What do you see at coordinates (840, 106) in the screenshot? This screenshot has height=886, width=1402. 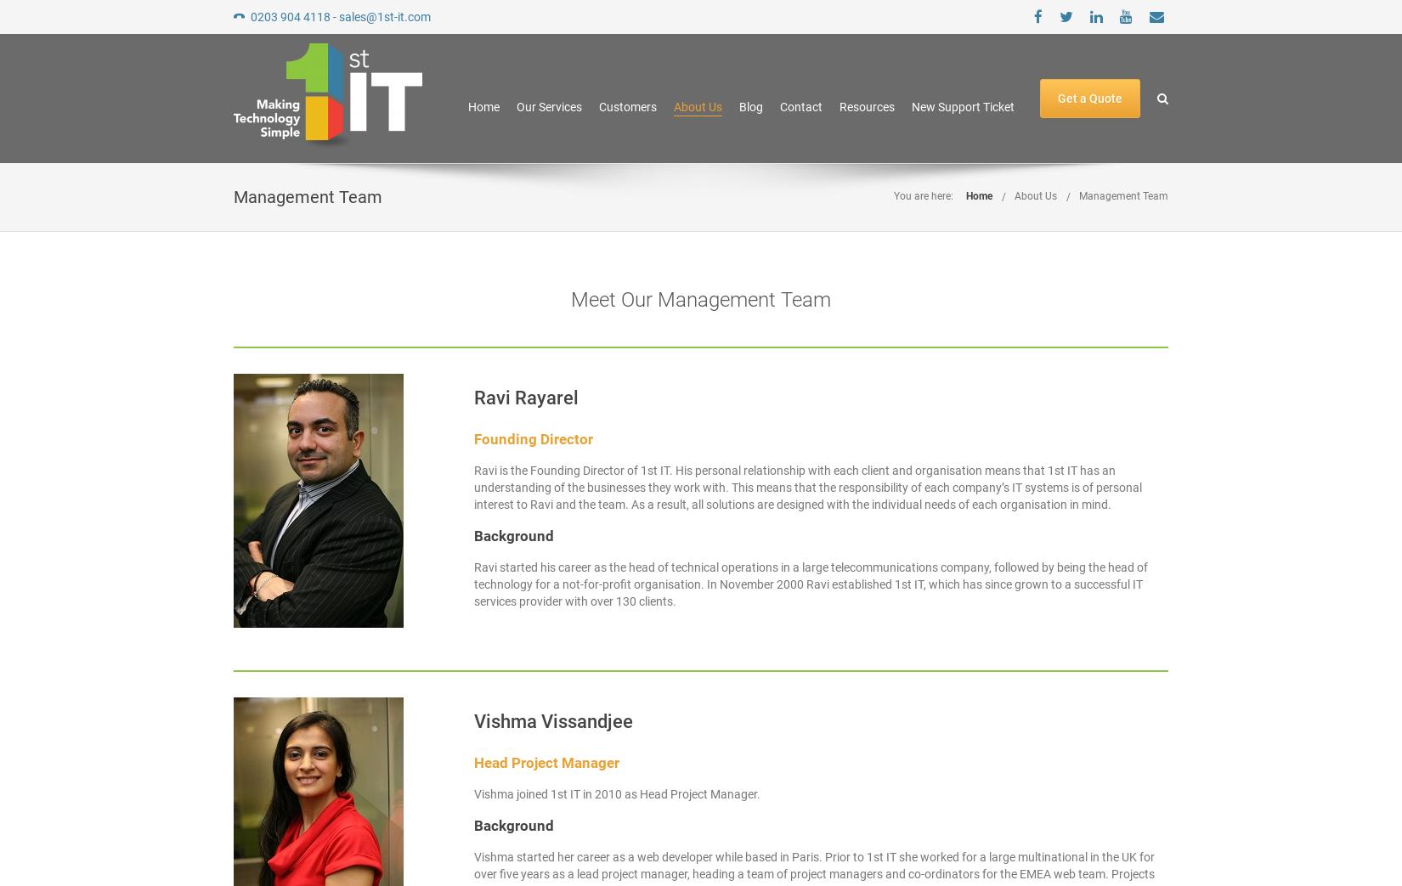 I see `'Resources'` at bounding box center [840, 106].